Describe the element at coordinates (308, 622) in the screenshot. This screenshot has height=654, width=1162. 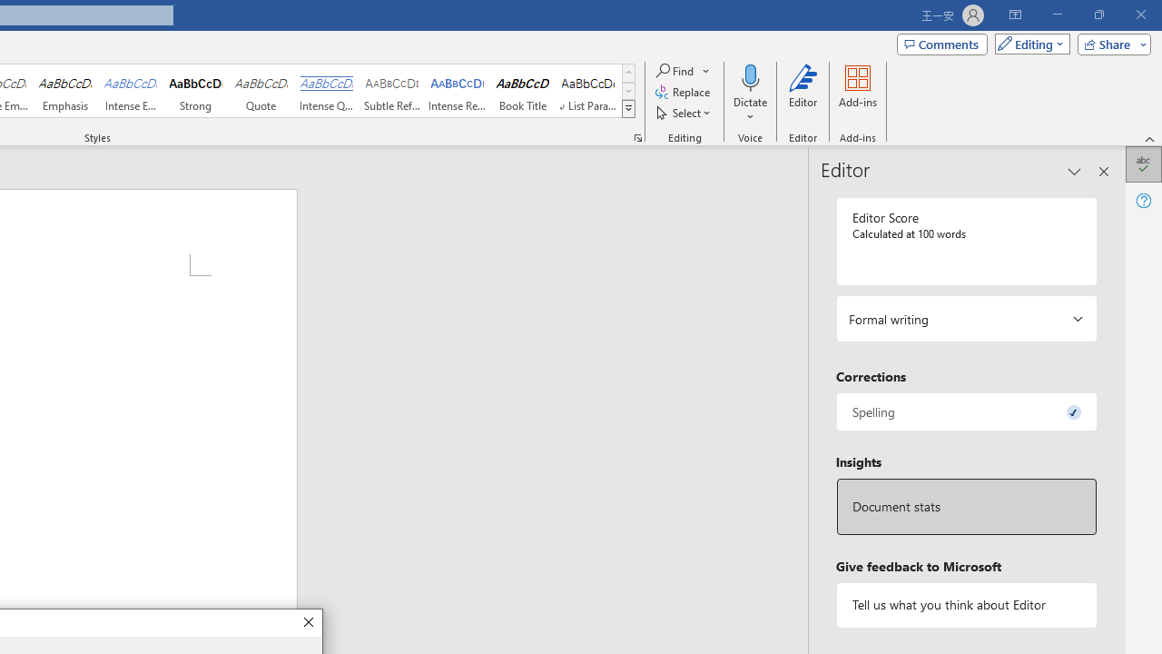
I see `'Close'` at that location.